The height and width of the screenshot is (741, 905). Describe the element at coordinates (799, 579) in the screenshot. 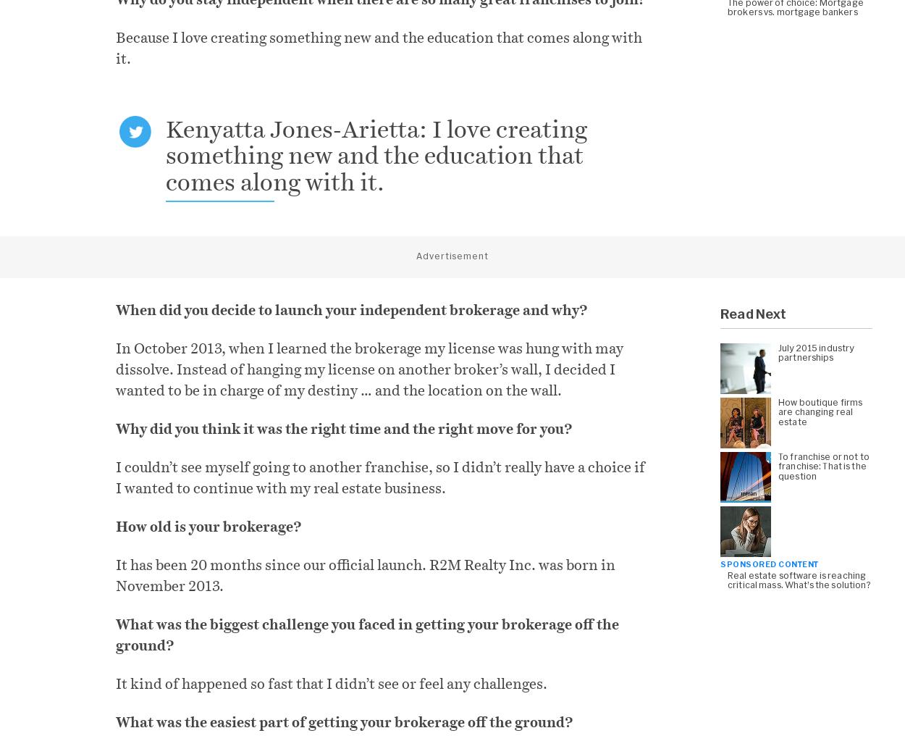

I see `'Real estate software is reaching critical mass. What’s the solution?'` at that location.